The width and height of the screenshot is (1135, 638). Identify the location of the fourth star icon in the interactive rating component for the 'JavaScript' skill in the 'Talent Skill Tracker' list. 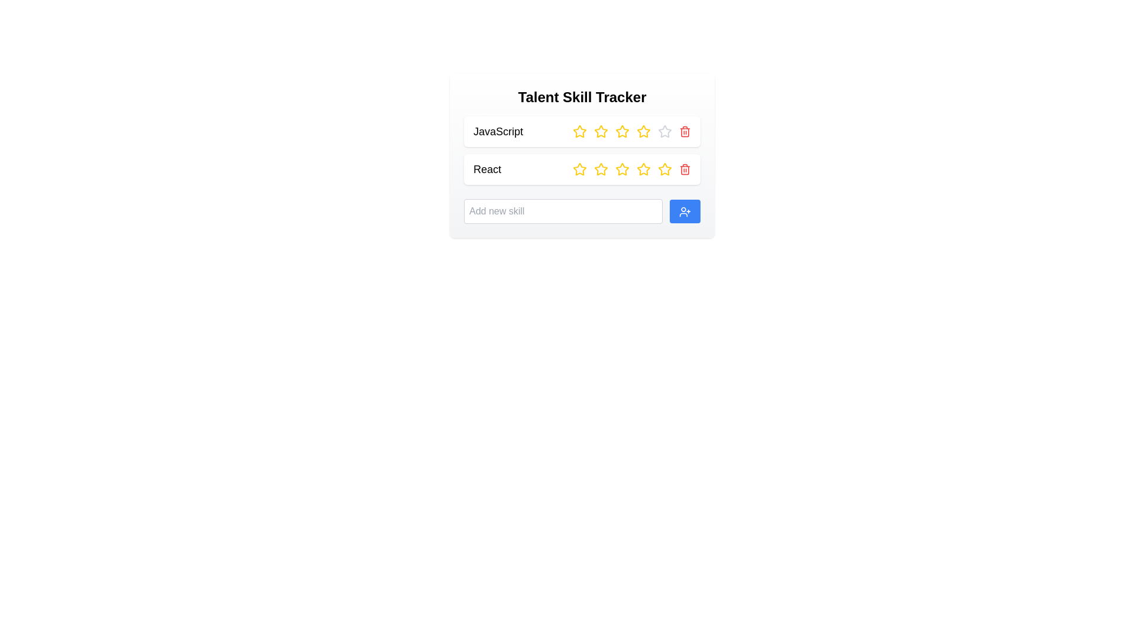
(621, 132).